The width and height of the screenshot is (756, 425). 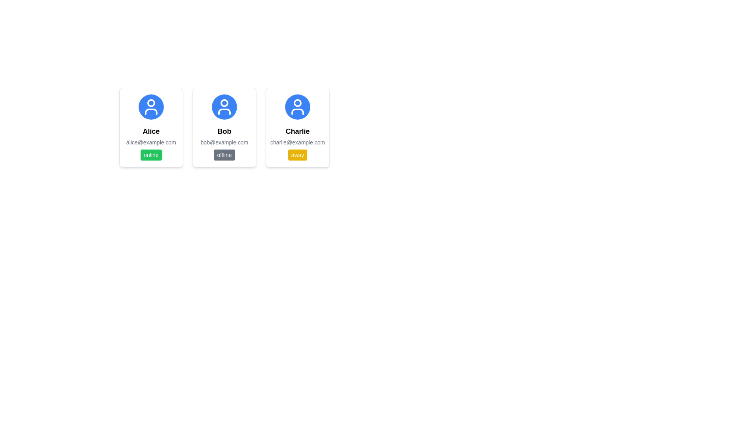 I want to click on text label that displays the user's name, located centrally within the user card, beneath the profile icon and above the email address 'alice@example.com', so click(x=151, y=131).